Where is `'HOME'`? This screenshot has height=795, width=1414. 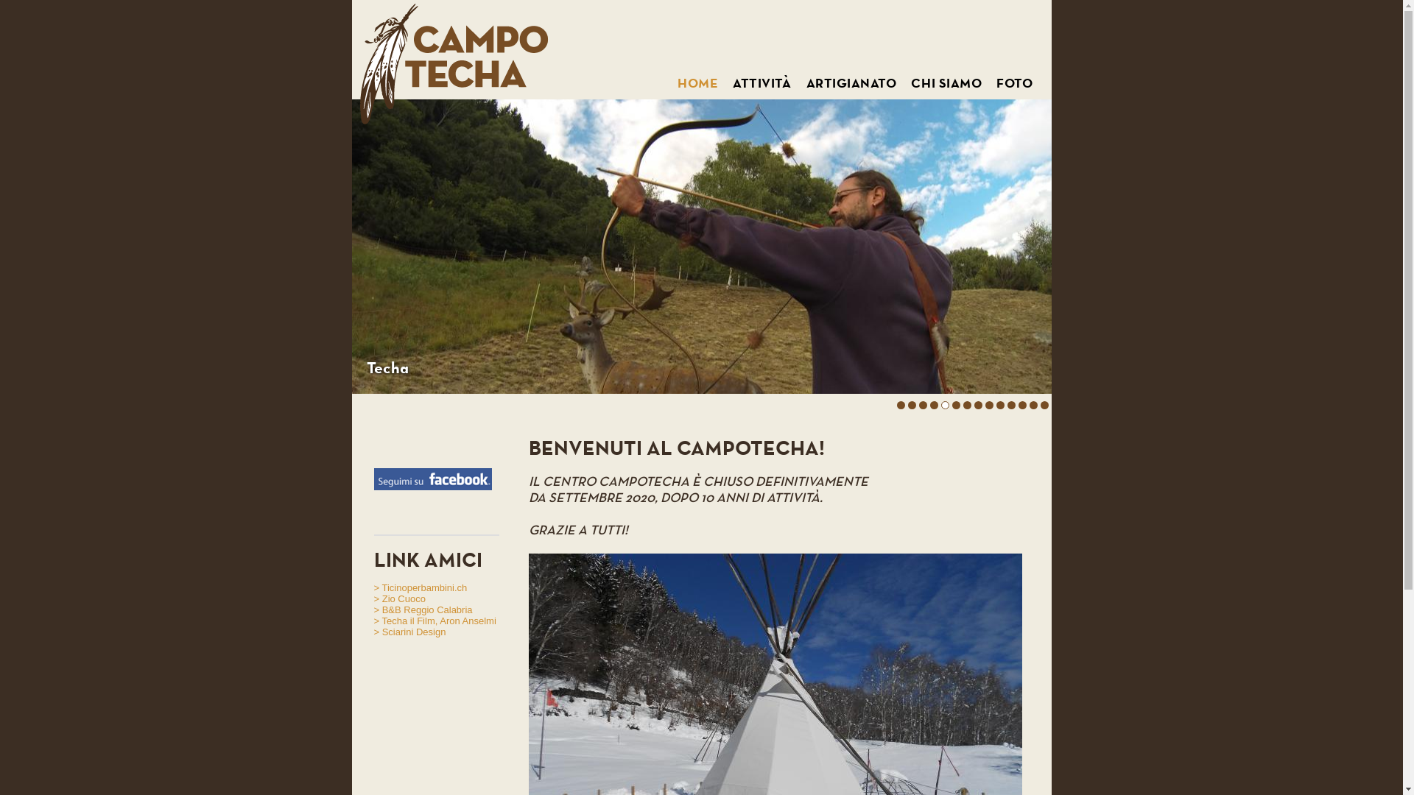
'HOME' is located at coordinates (697, 84).